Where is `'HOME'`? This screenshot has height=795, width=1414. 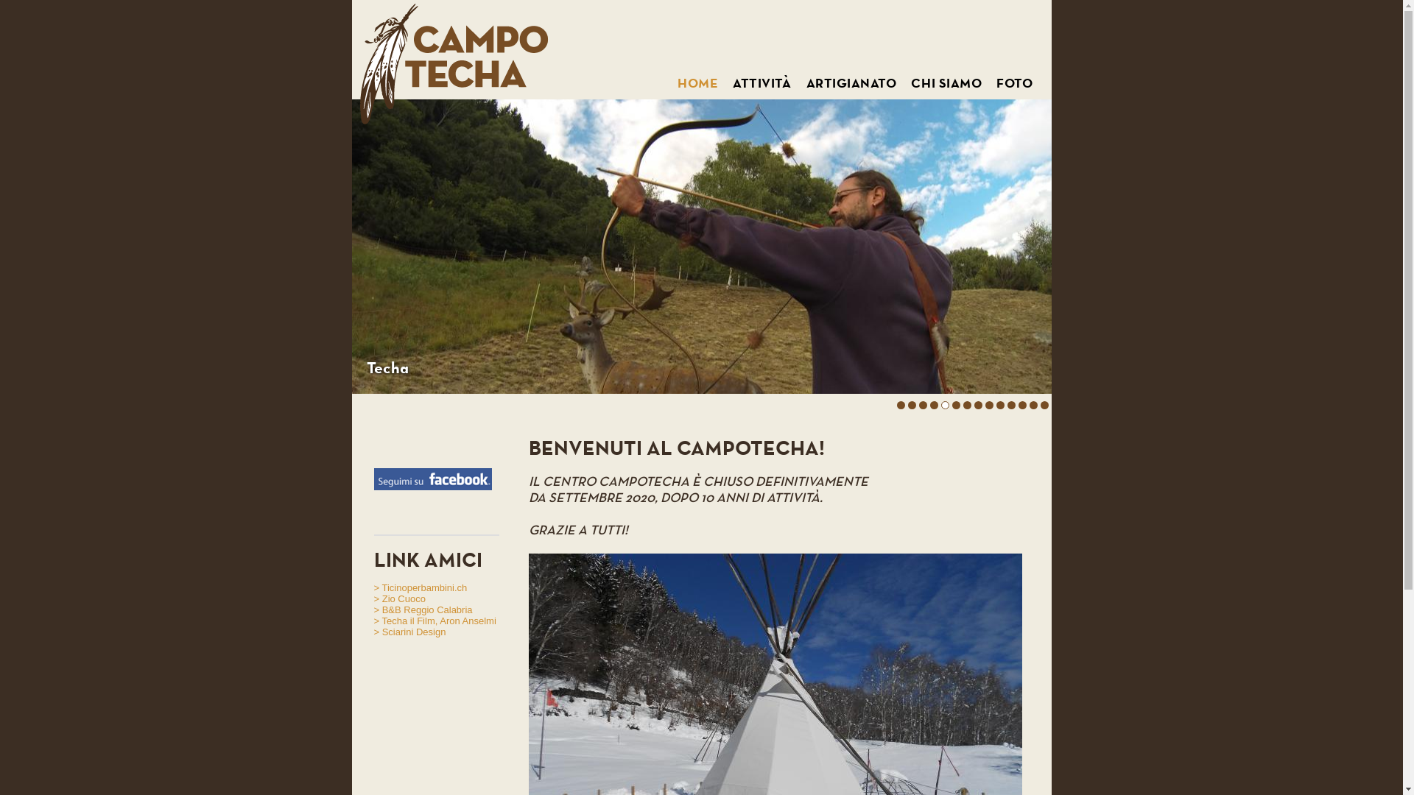
'HOME' is located at coordinates (697, 84).